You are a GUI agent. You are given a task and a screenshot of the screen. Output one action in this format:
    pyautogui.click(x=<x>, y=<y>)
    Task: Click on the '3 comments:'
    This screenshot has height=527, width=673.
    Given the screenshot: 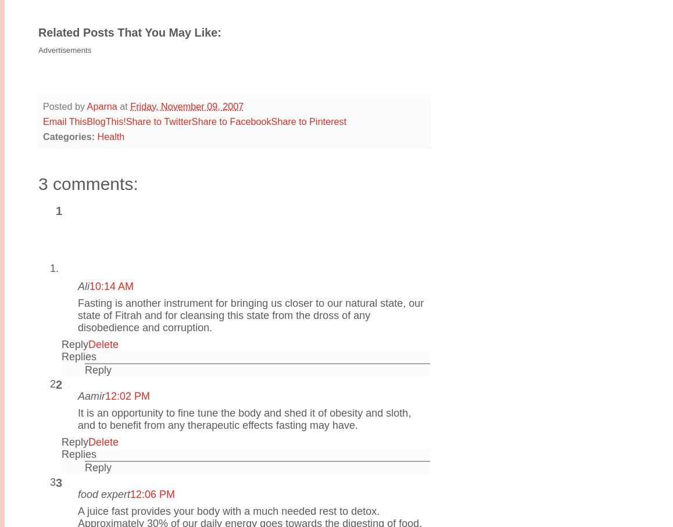 What is the action you would take?
    pyautogui.click(x=38, y=183)
    